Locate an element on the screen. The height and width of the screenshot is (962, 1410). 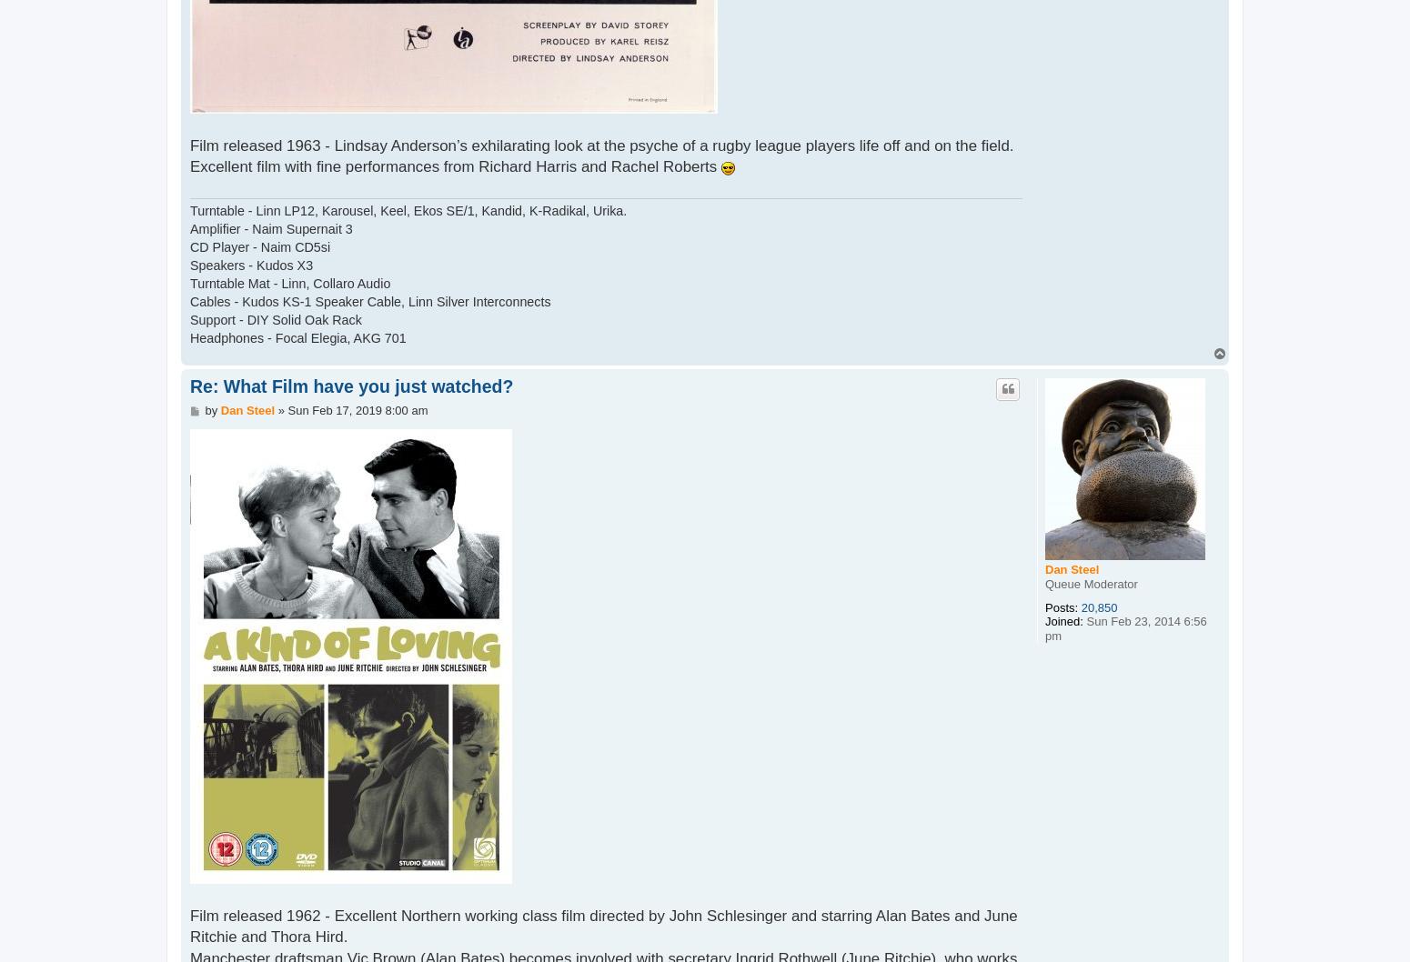
'Joined:' is located at coordinates (1044, 620).